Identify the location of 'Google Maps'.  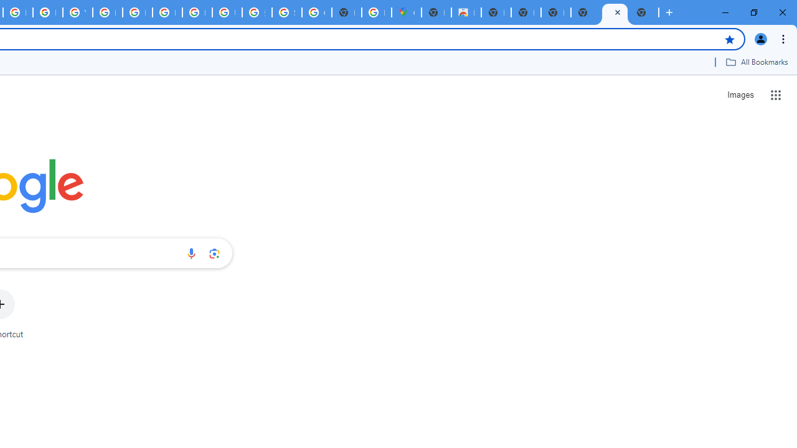
(406, 12).